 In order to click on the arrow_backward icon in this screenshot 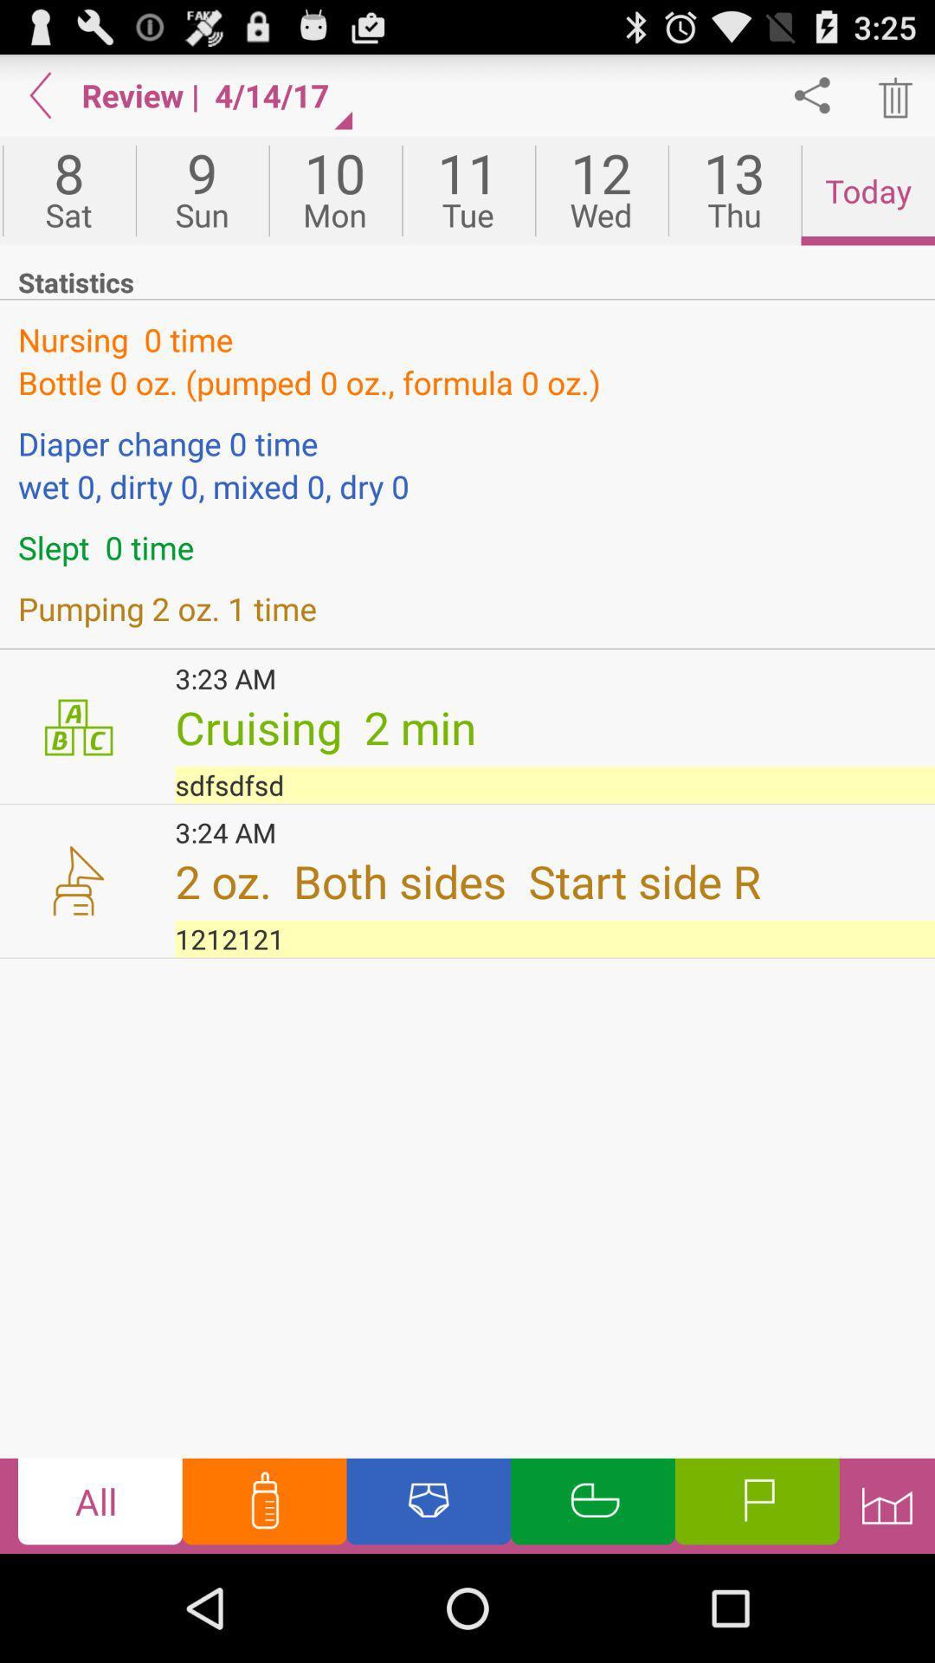, I will do `click(40, 101)`.